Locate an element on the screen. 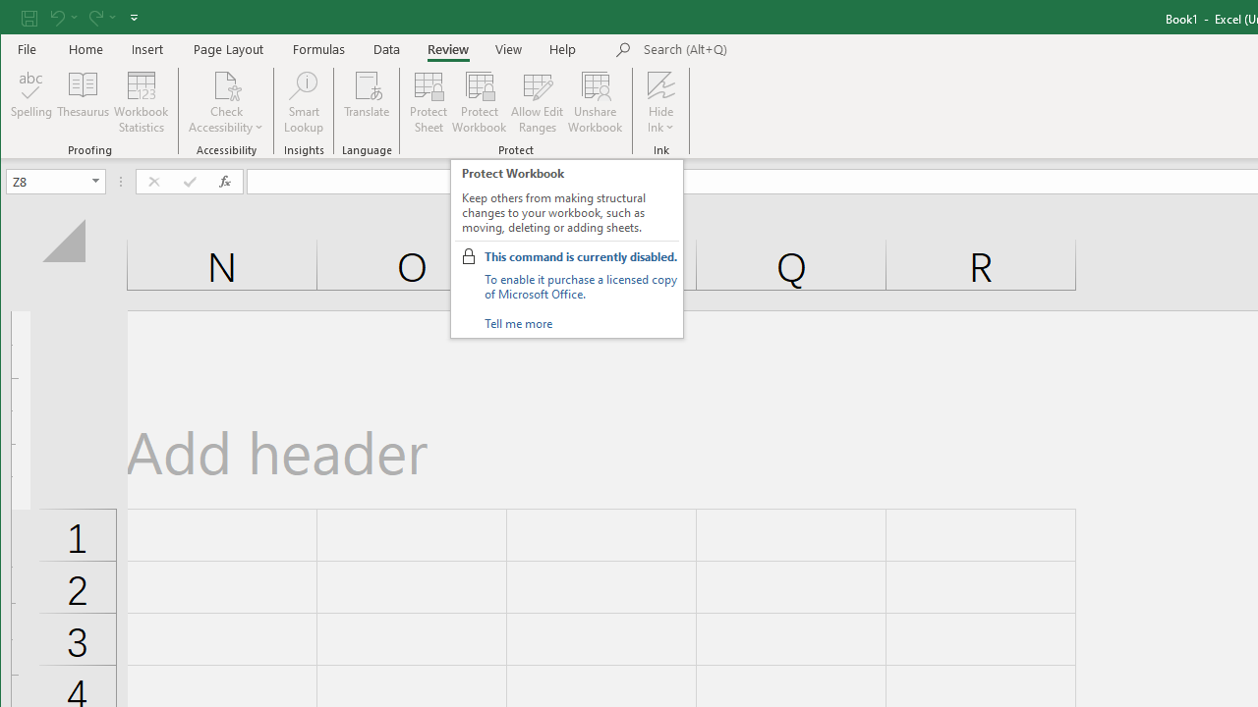 This screenshot has width=1258, height=707. 'Review' is located at coordinates (447, 48).